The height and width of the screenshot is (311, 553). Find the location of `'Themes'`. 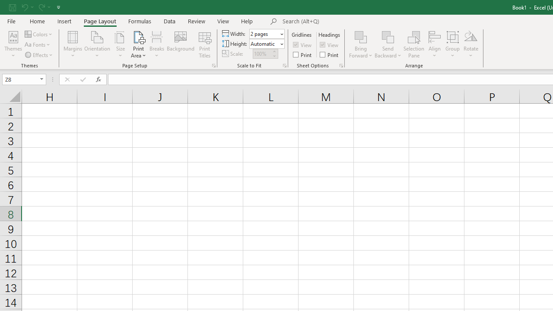

'Themes' is located at coordinates (13, 44).